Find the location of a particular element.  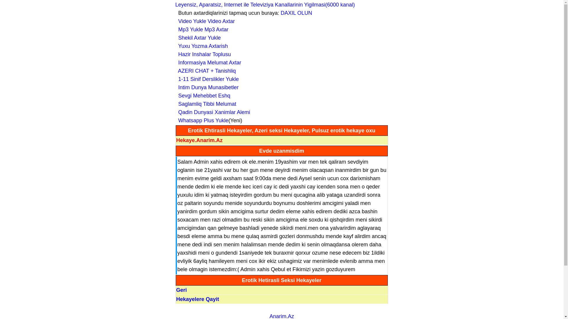

'  Shekil Axtar Yukle' is located at coordinates (175, 38).